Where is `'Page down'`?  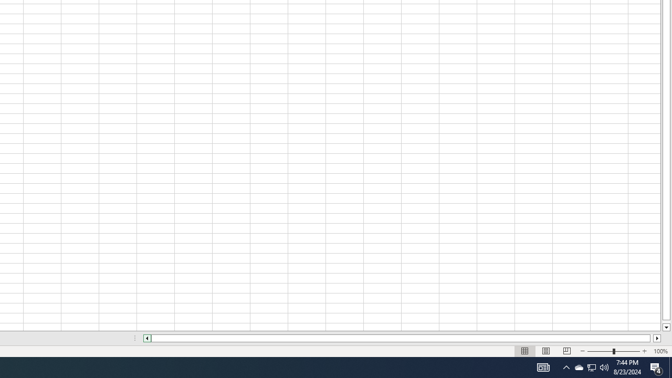
'Page down' is located at coordinates (666, 321).